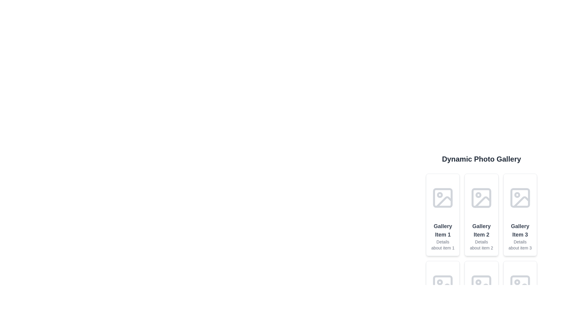  I want to click on the Circle element within the 'Gallery Item 2' icon, which serves as a decorative feature indicating selection status, so click(478, 195).